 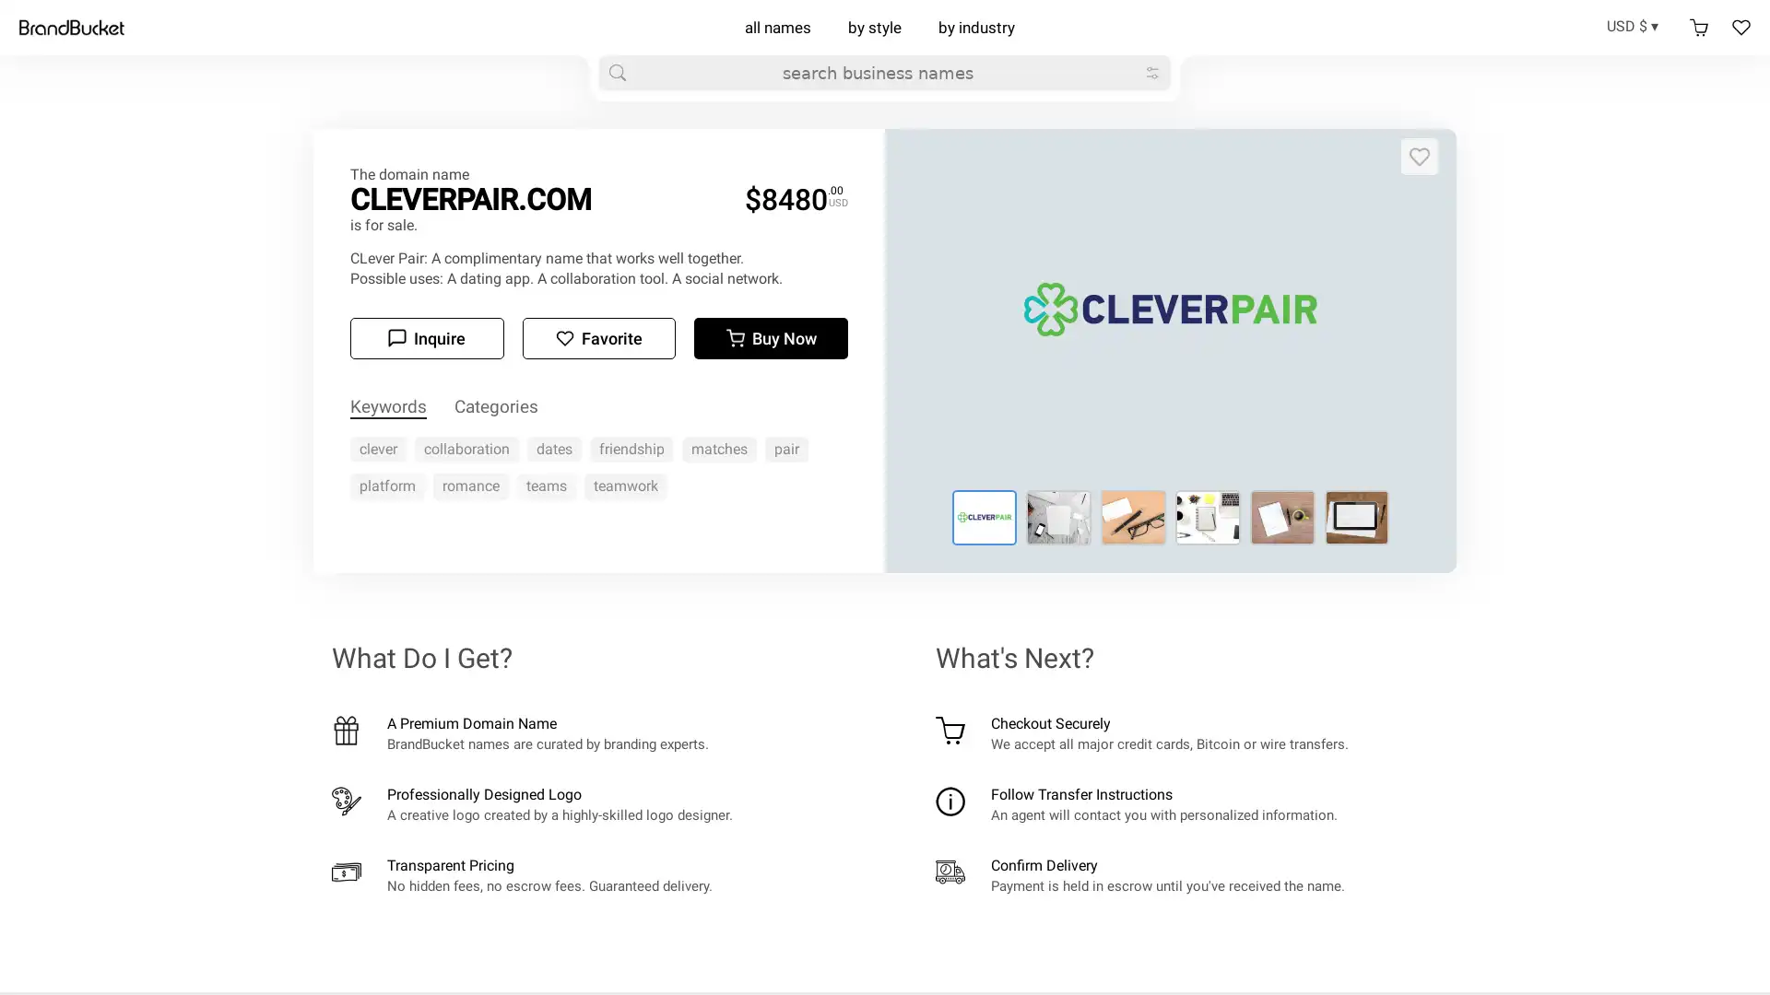 What do you see at coordinates (1698, 28) in the screenshot?
I see `Shopping cart Shopping cart` at bounding box center [1698, 28].